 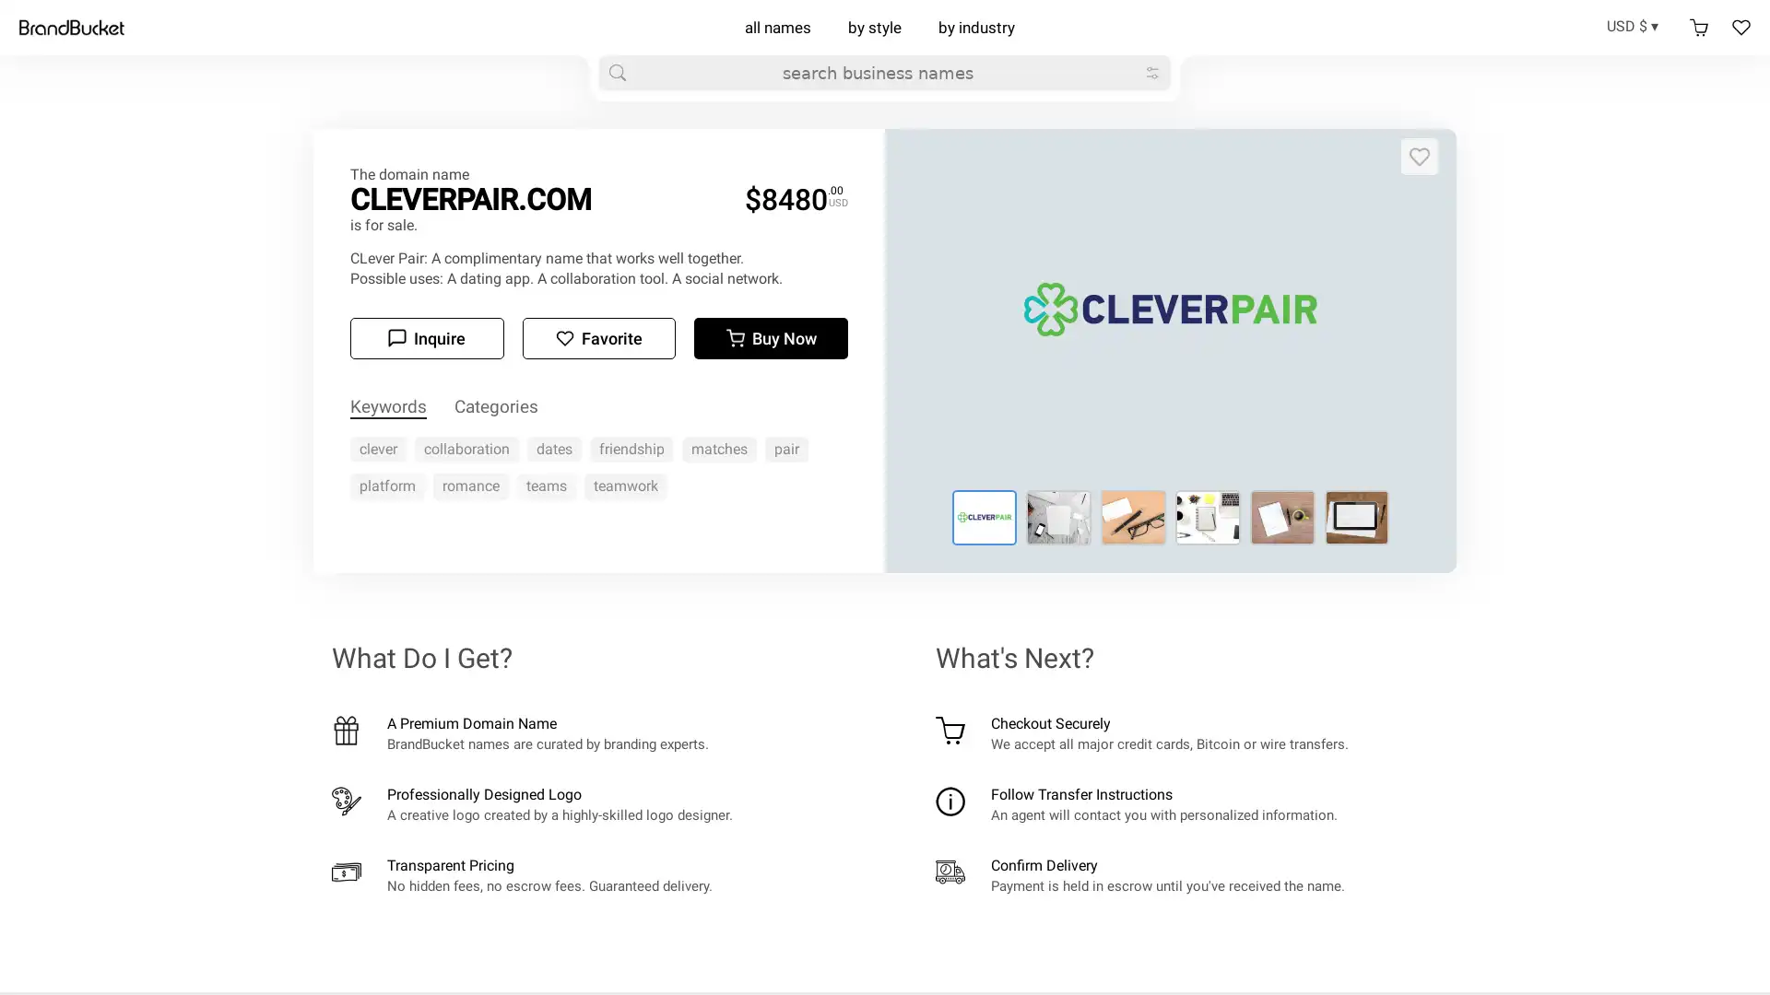 What do you see at coordinates (1698, 28) in the screenshot?
I see `Shopping cart Shopping cart` at bounding box center [1698, 28].